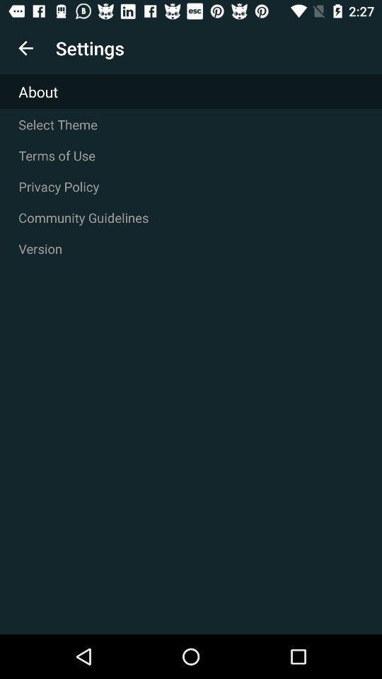 The width and height of the screenshot is (382, 679). I want to click on item above the about item, so click(25, 48).